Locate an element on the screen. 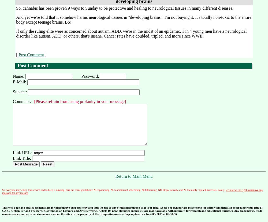 This screenshot has height=222, width=268. 'And yet we're told that it somehow harms neurological tissues in "developing brains".  I'm not buying it.  It's totally non-toxic to the entire body except teenage brains.  BS!' is located at coordinates (133, 20).